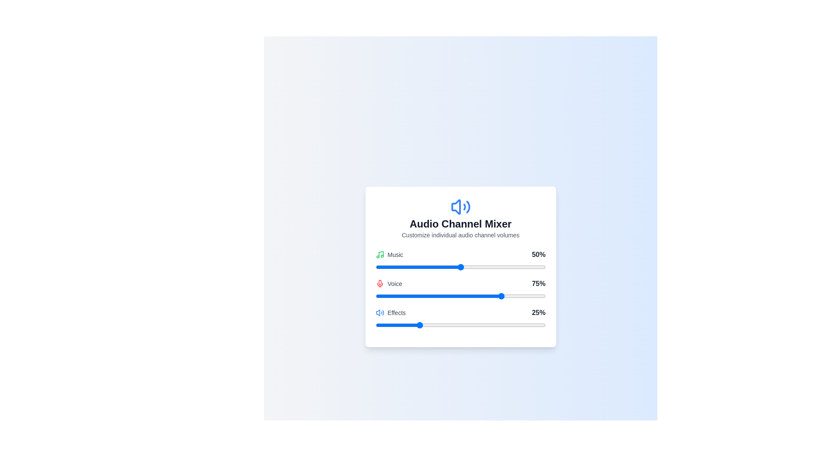 The width and height of the screenshot is (820, 461). What do you see at coordinates (503, 266) in the screenshot?
I see `music volume` at bounding box center [503, 266].